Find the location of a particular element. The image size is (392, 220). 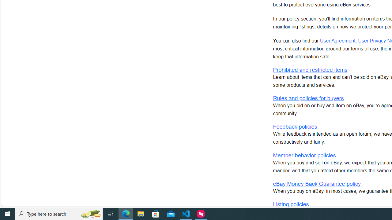

'Listing policies' is located at coordinates (290, 204).